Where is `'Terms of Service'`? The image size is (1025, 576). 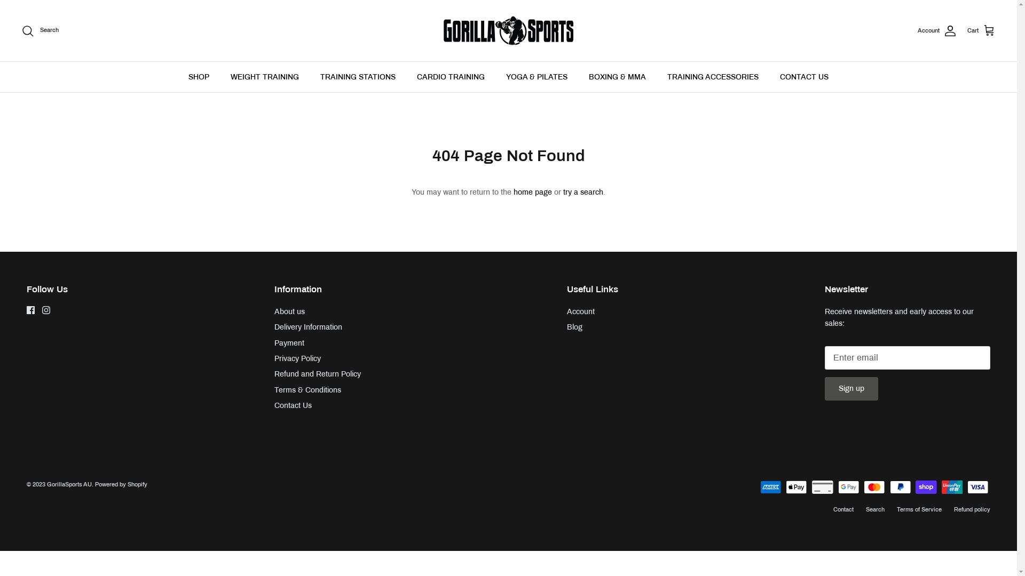 'Terms of Service' is located at coordinates (919, 509).